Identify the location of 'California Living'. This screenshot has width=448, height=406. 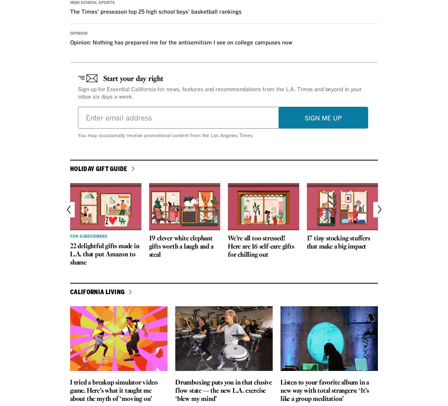
(97, 291).